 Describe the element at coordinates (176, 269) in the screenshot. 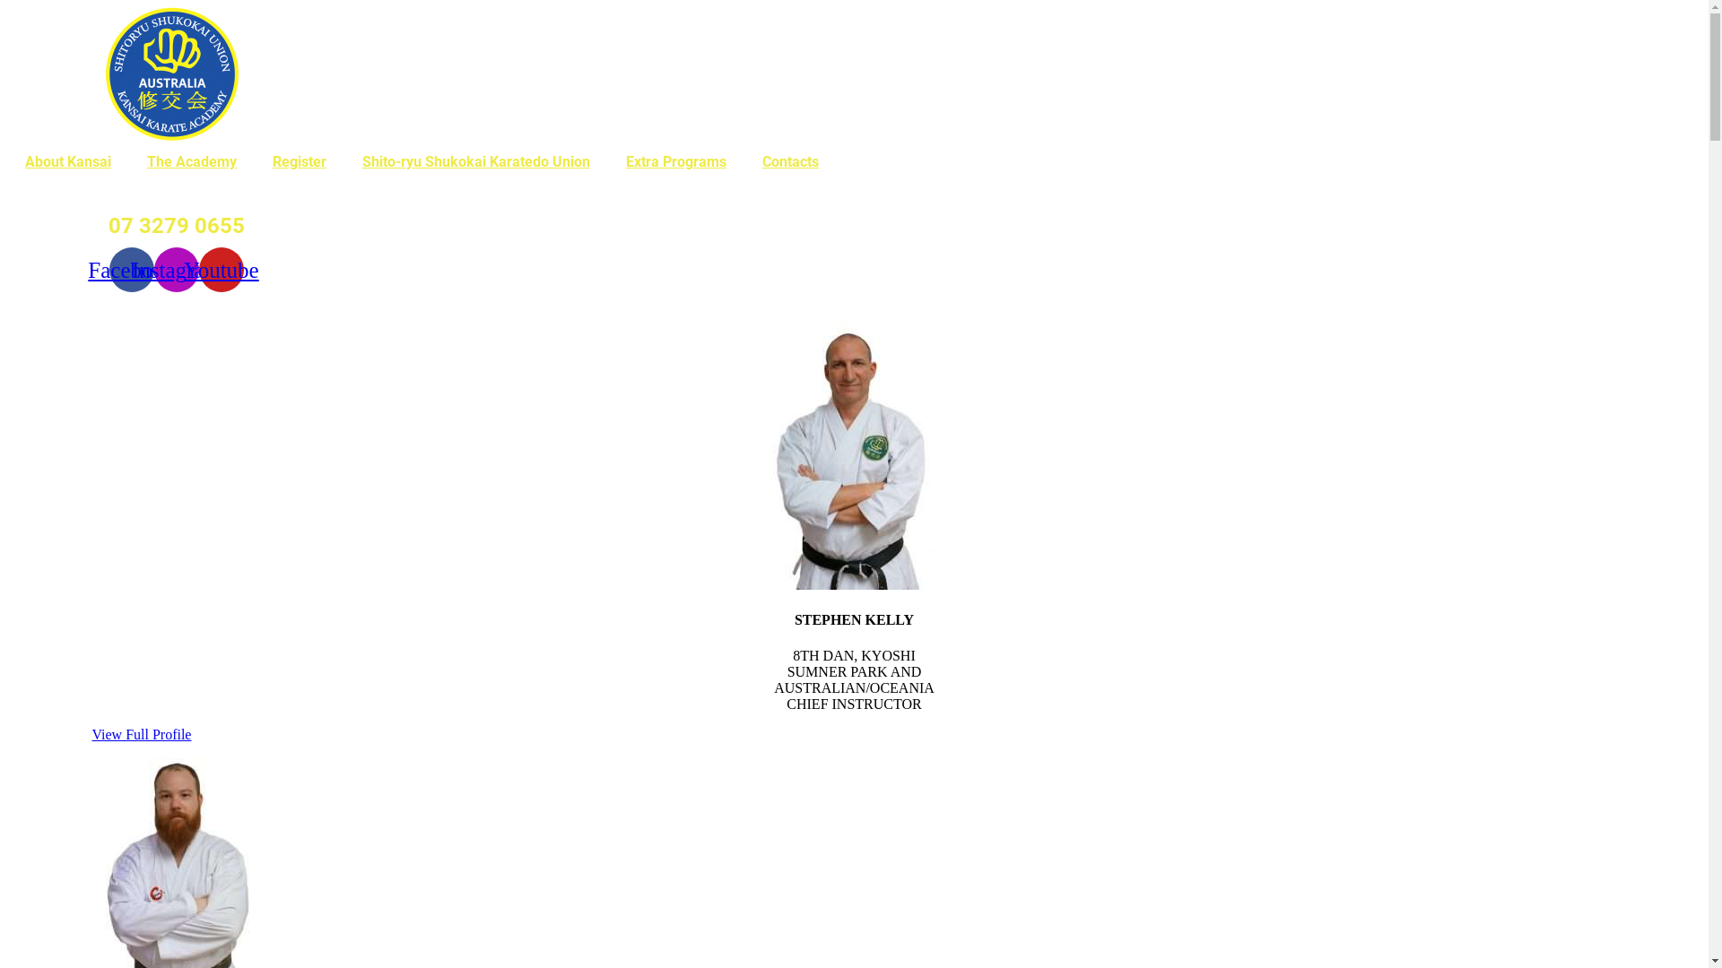

I see `'Instagram'` at that location.